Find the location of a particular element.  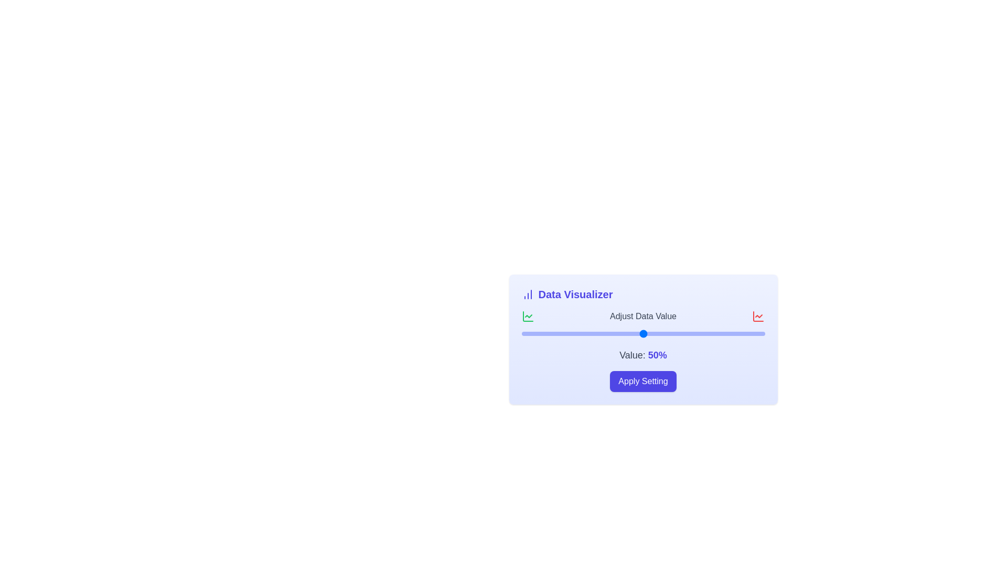

the rectangular button with rounded corners and a purple background labeled 'Apply Setting' to apply the settings is located at coordinates (642, 382).